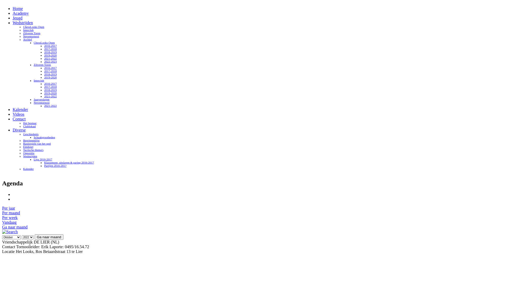 The width and height of the screenshot is (505, 284). I want to click on 'Kalender', so click(20, 109).